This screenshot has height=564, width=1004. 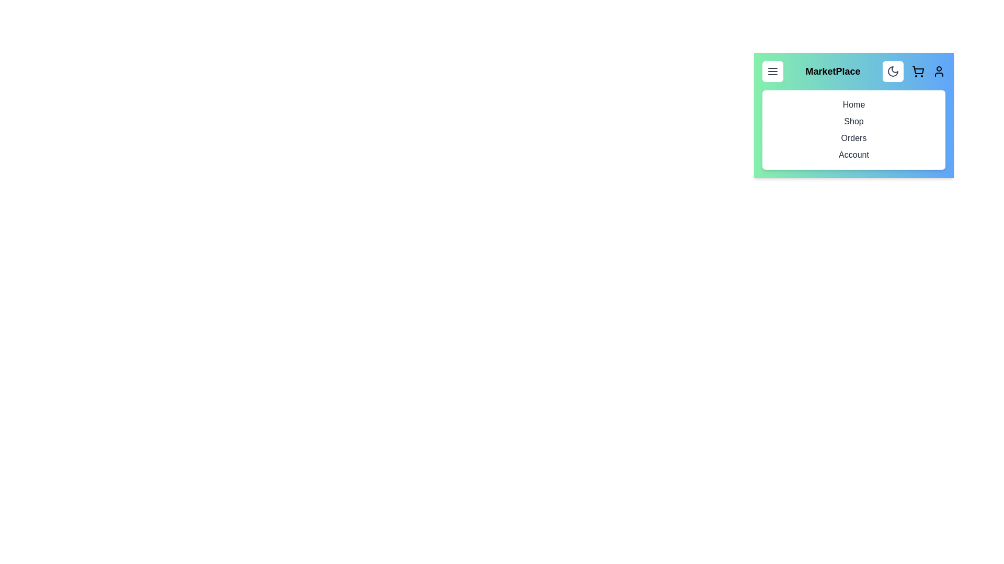 I want to click on the menu item corresponding to Shop, so click(x=853, y=121).